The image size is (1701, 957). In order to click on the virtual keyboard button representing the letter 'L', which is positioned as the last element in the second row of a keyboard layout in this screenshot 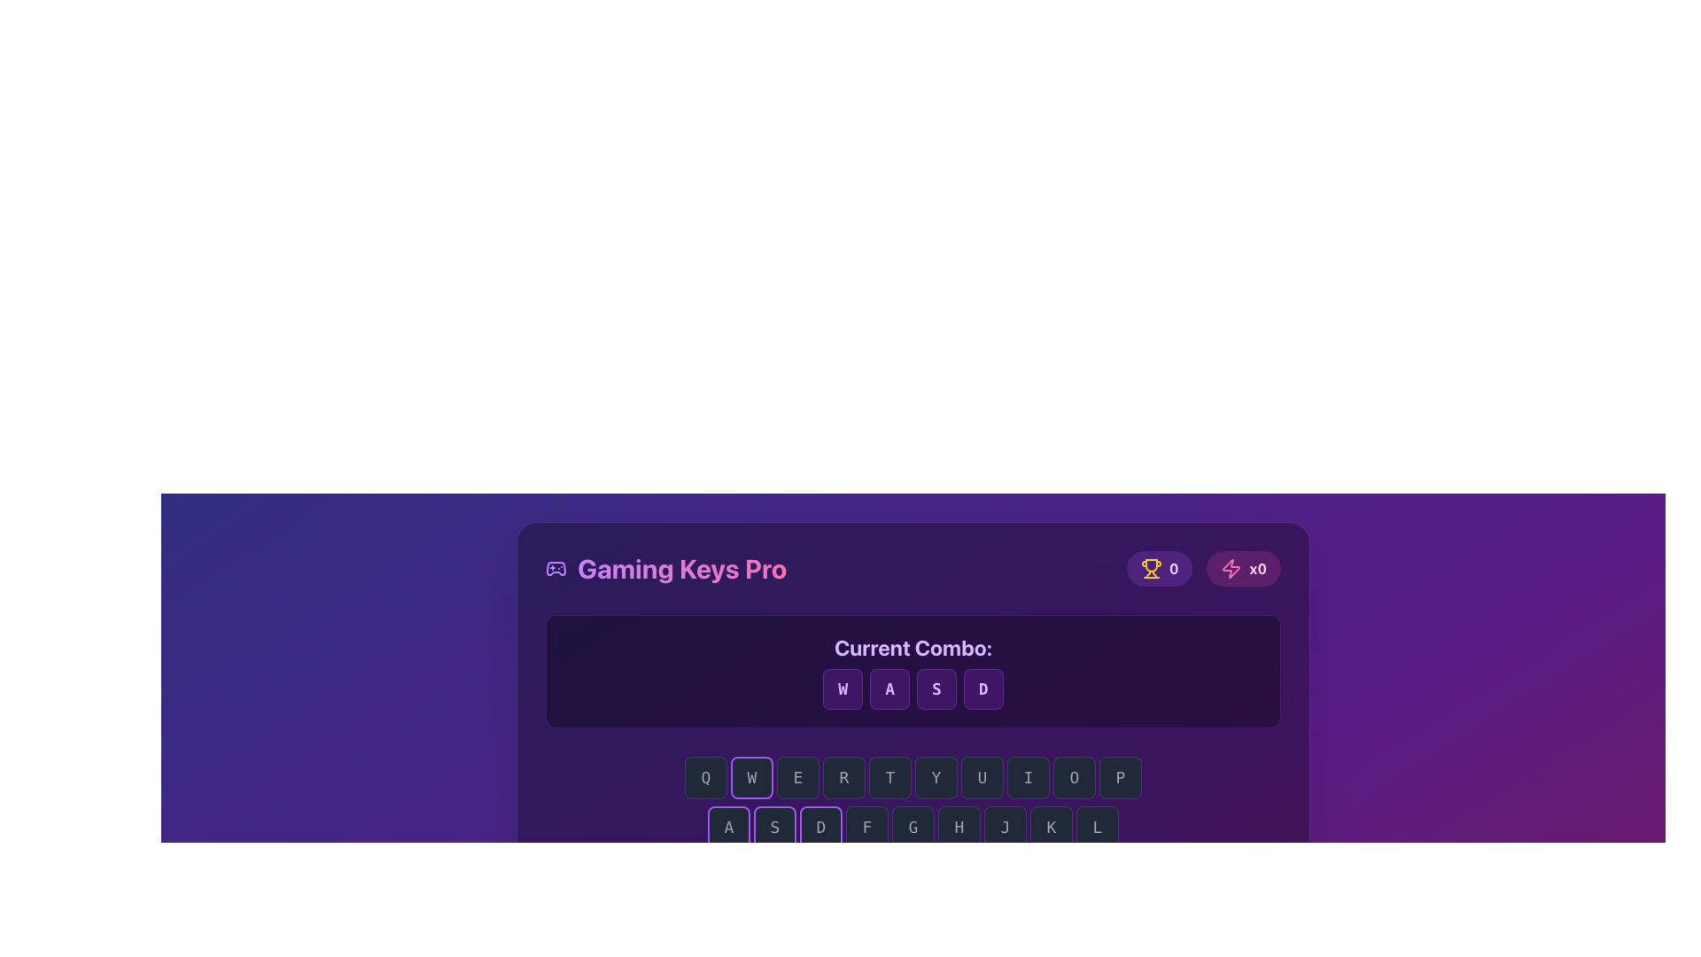, I will do `click(1096, 827)`.